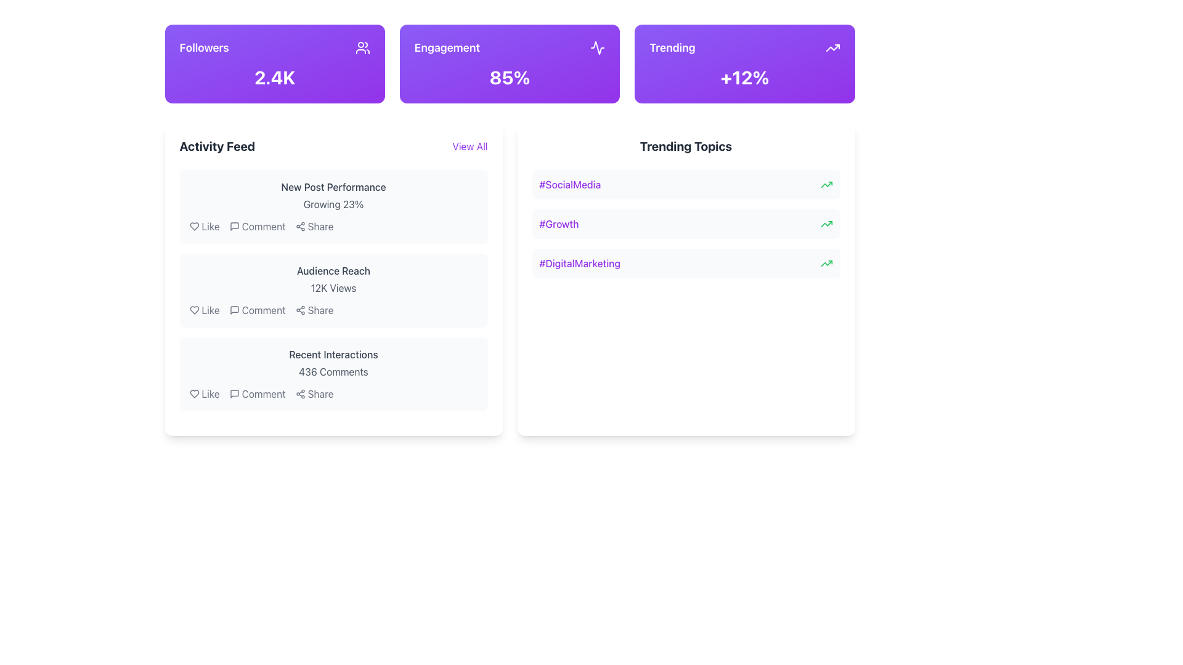  Describe the element at coordinates (257, 394) in the screenshot. I see `the 'Comment' button, which is the second interactive button in the horizontal group of 'Like', 'Comment', and 'Share' under the 'Recent Interactions' section in the 'Activity Feed'` at that location.